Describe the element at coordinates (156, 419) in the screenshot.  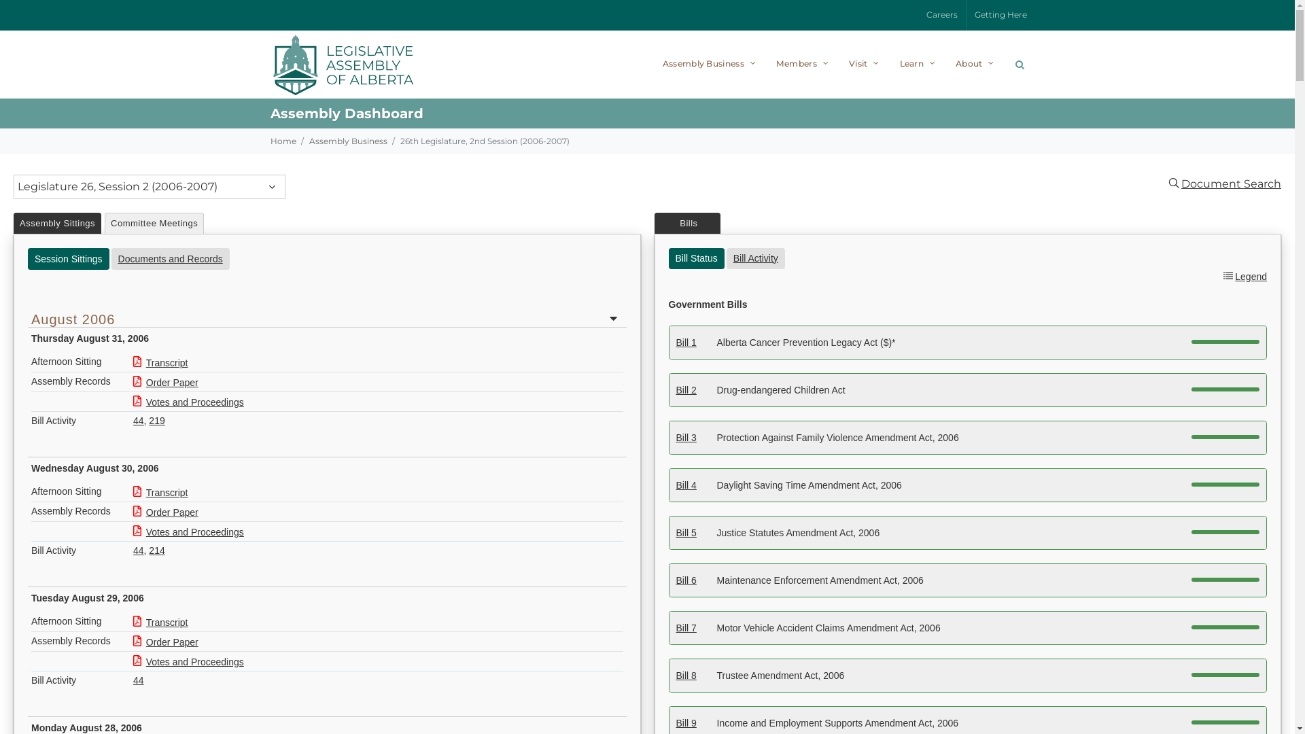
I see `'219'` at that location.